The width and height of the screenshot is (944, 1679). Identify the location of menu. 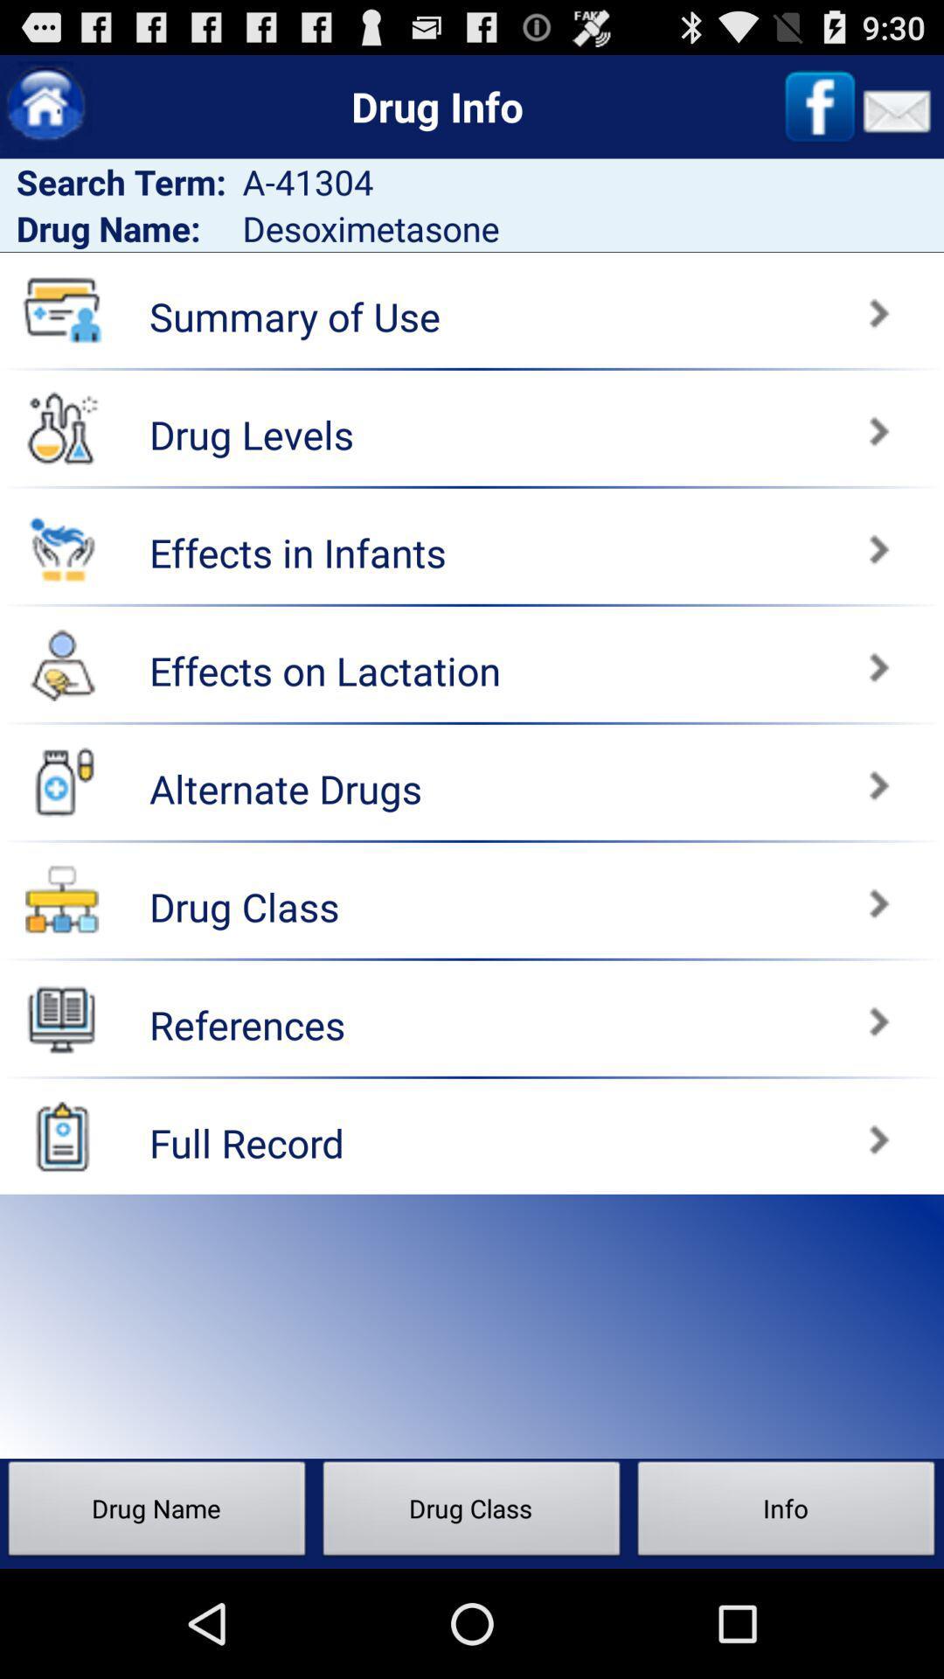
(45, 106).